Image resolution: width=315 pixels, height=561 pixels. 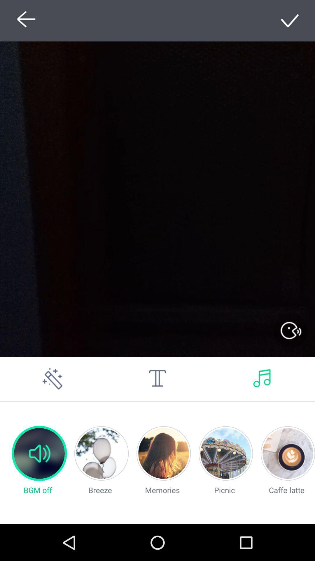 I want to click on confirm choice, so click(x=290, y=20).